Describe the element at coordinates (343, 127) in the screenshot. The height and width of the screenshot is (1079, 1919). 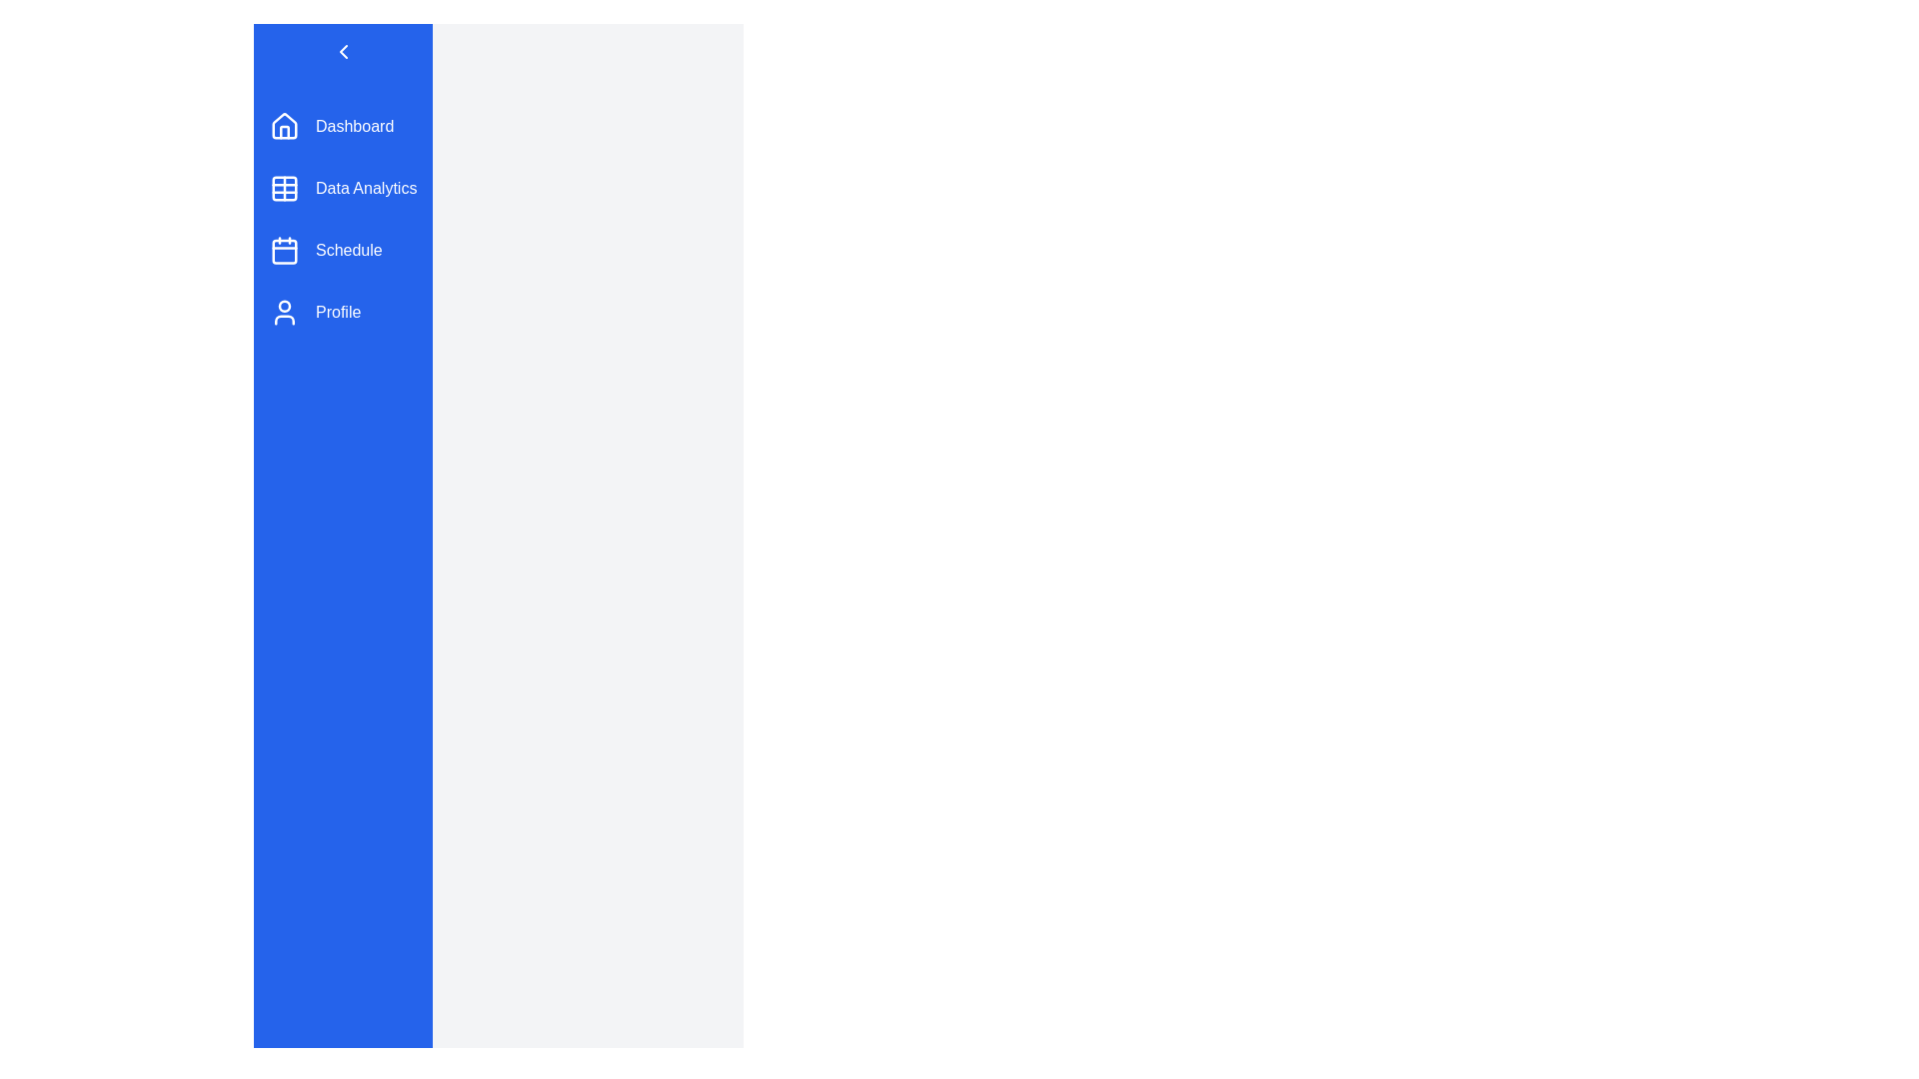
I see `the menu item labeled 'Dashboard' to trigger its hover effect` at that location.